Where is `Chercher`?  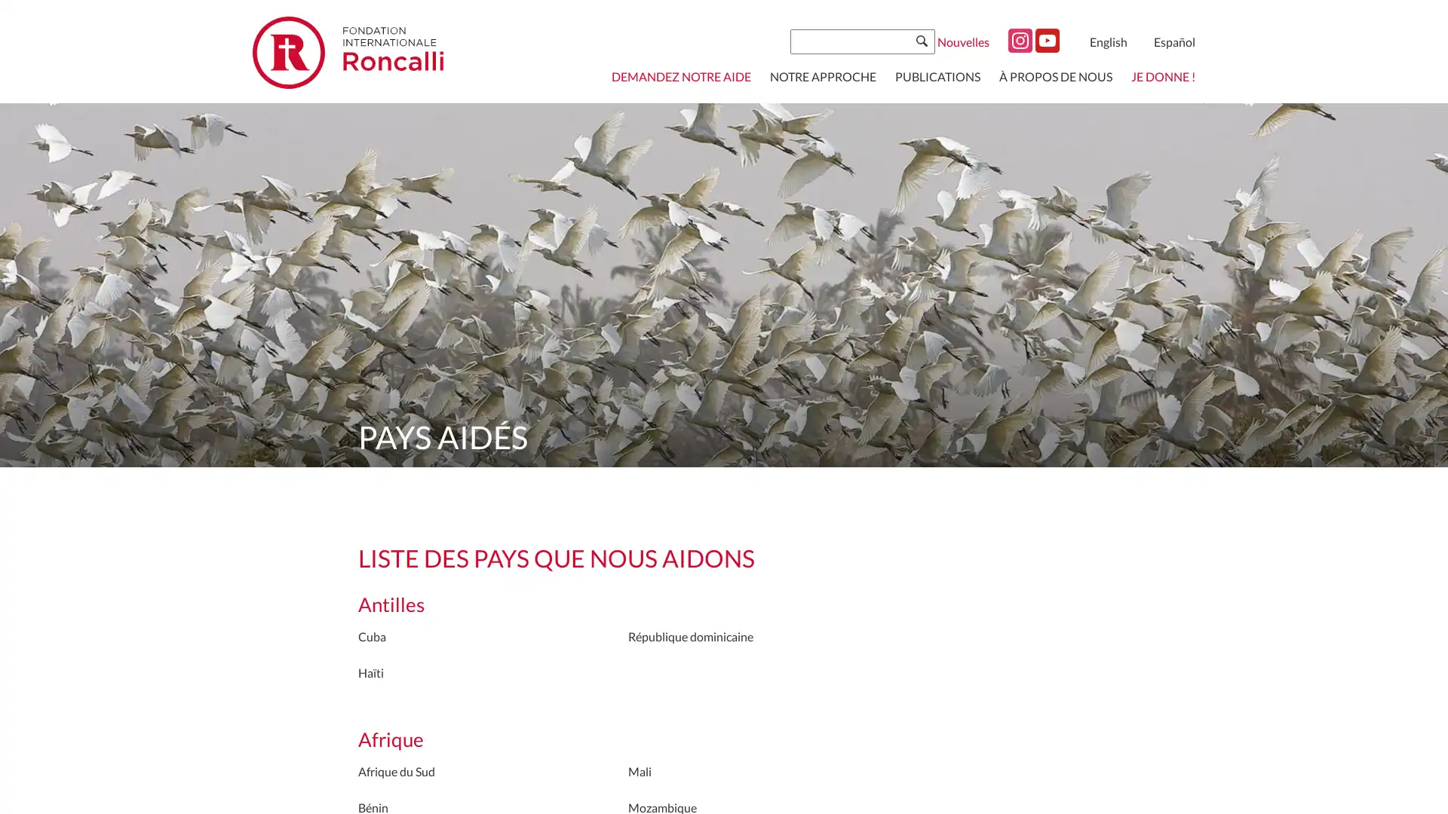
Chercher is located at coordinates (921, 40).